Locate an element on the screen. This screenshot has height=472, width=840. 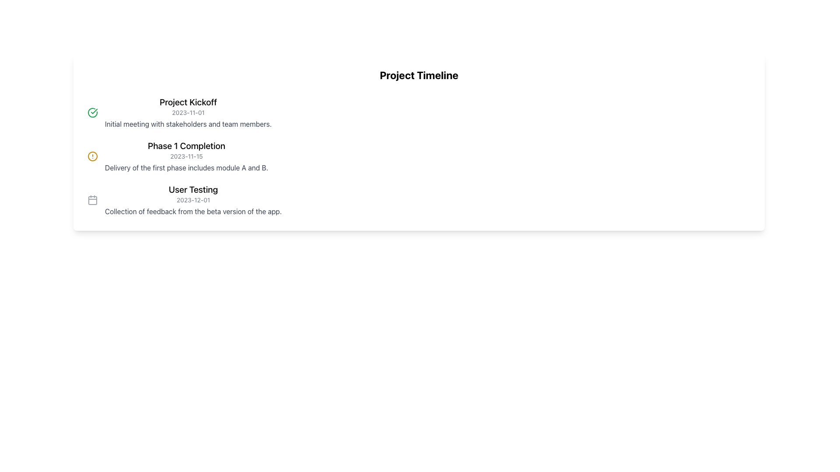
the text label providing additional information about the 'User Testing' timeline entry, located directly below the 'User Testing' heading is located at coordinates (192, 211).